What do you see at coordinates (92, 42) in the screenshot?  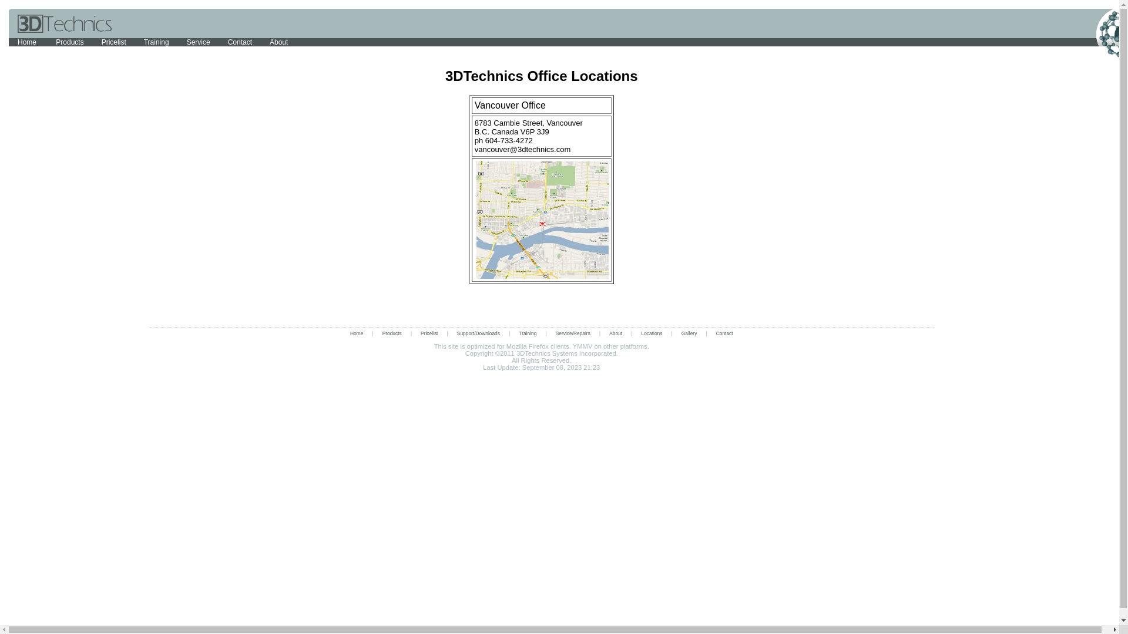 I see `'Pricelist'` at bounding box center [92, 42].